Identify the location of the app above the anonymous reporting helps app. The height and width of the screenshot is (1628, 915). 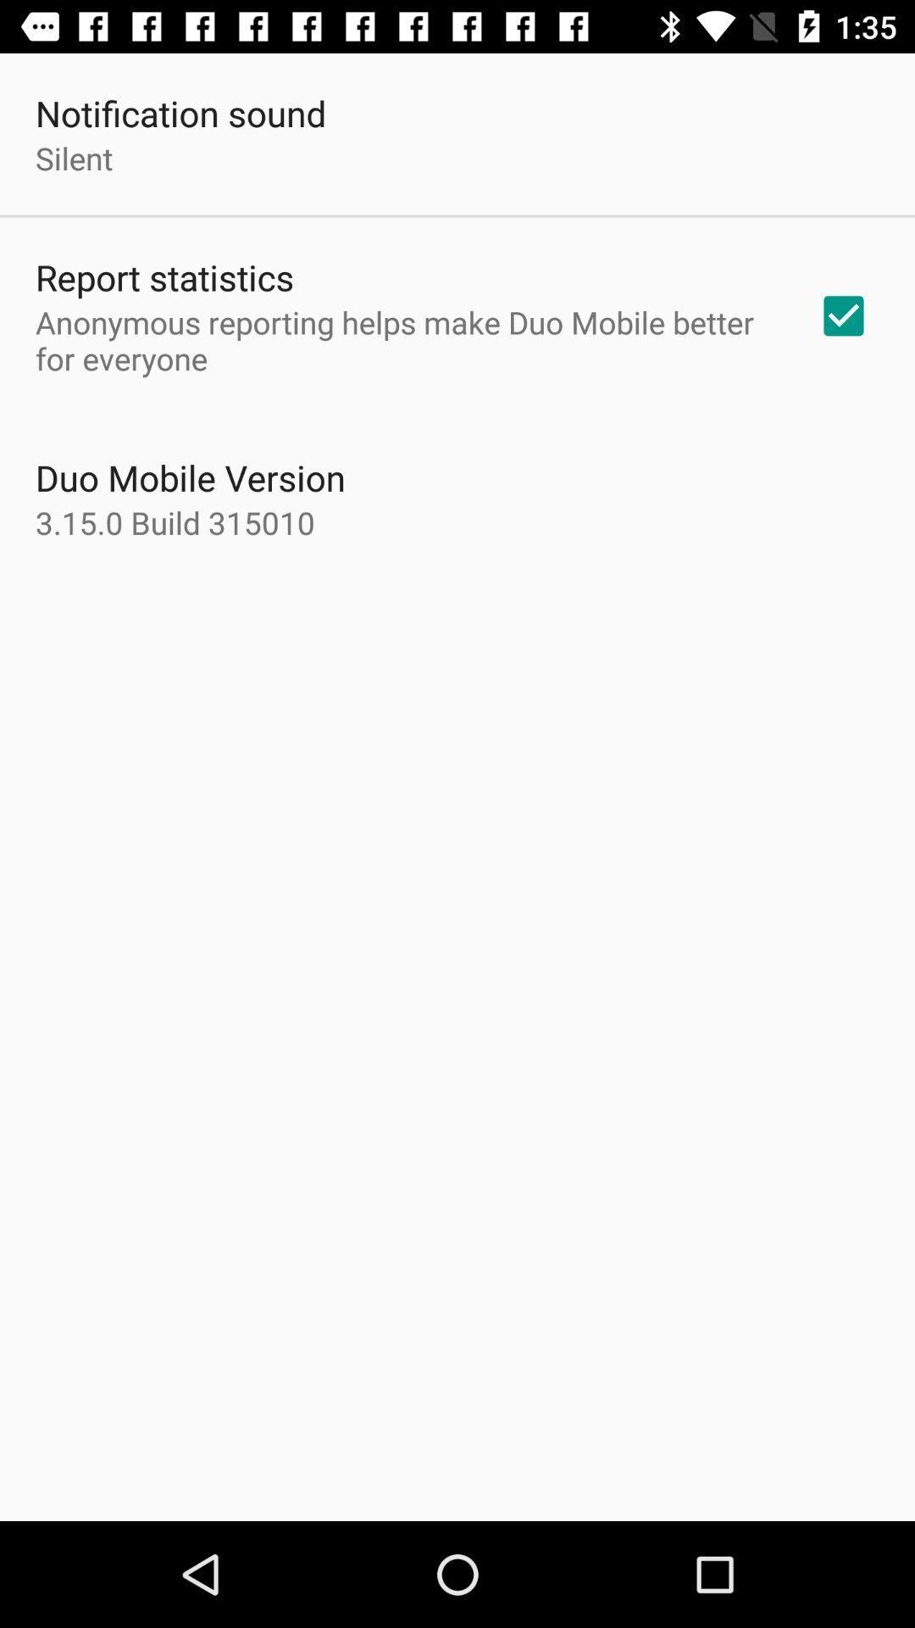
(164, 276).